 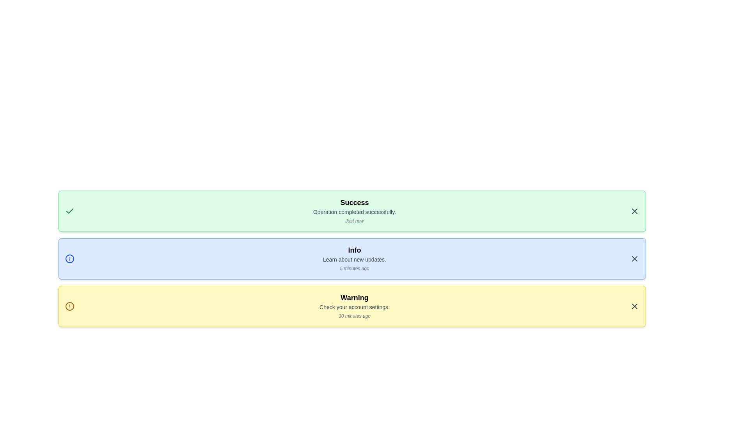 What do you see at coordinates (351, 211) in the screenshot?
I see `the notification content for success type` at bounding box center [351, 211].